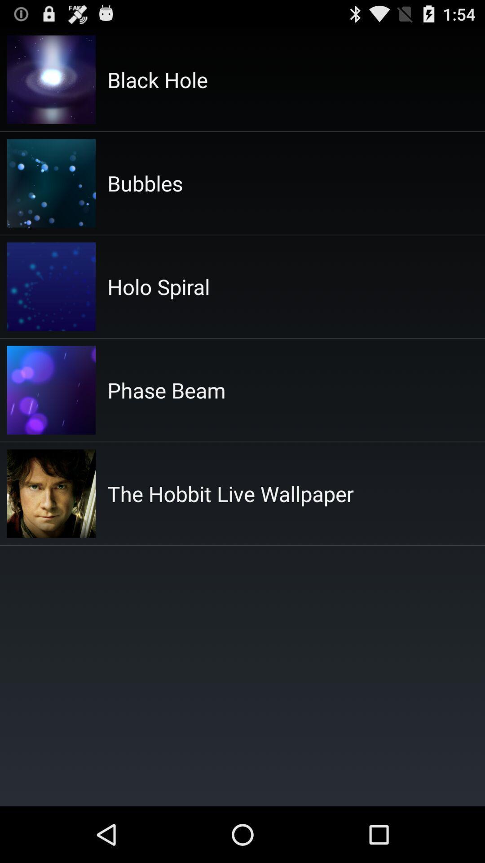 The image size is (485, 863). I want to click on holo spiral app, so click(158, 286).